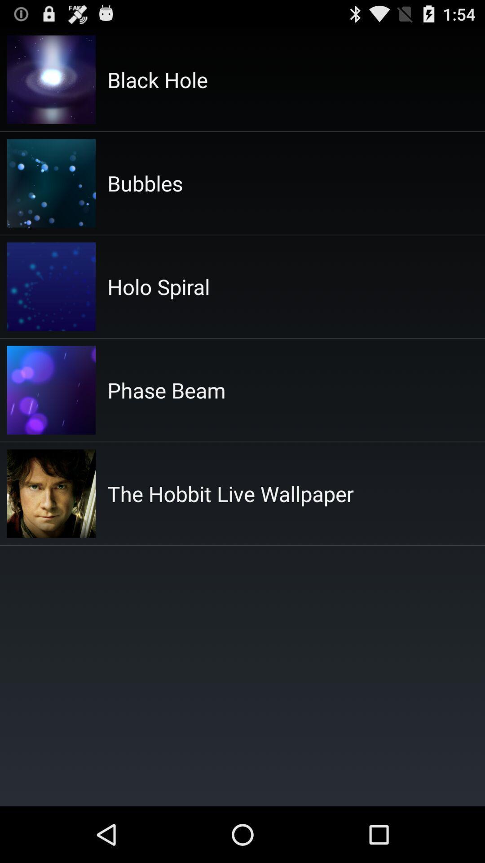 The image size is (485, 863). I want to click on holo spiral app, so click(158, 286).